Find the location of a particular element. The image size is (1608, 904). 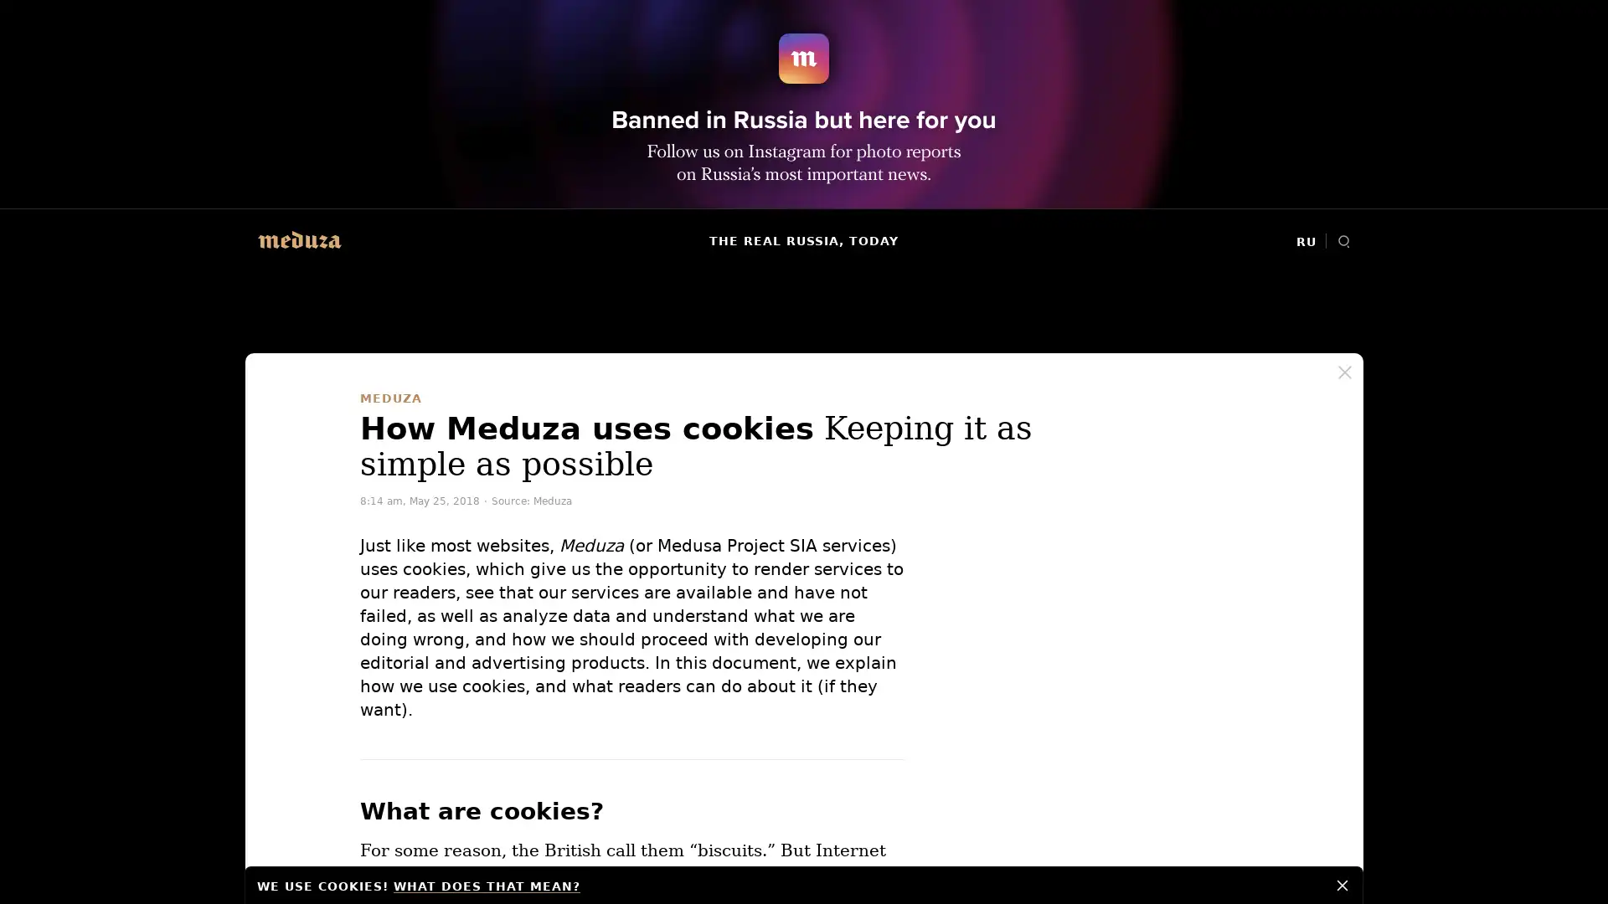

Search is located at coordinates (1343, 241).